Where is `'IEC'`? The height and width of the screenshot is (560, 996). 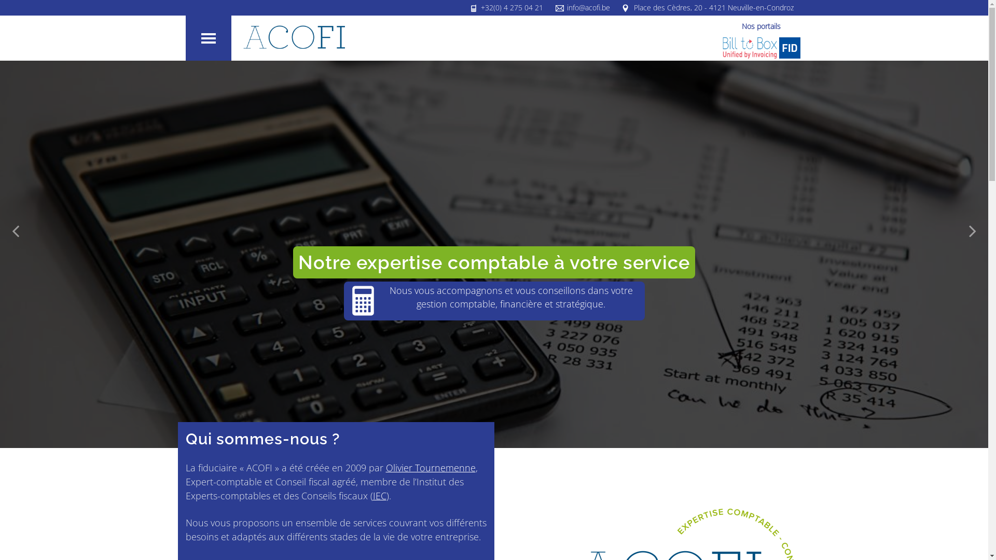
'IEC' is located at coordinates (378, 495).